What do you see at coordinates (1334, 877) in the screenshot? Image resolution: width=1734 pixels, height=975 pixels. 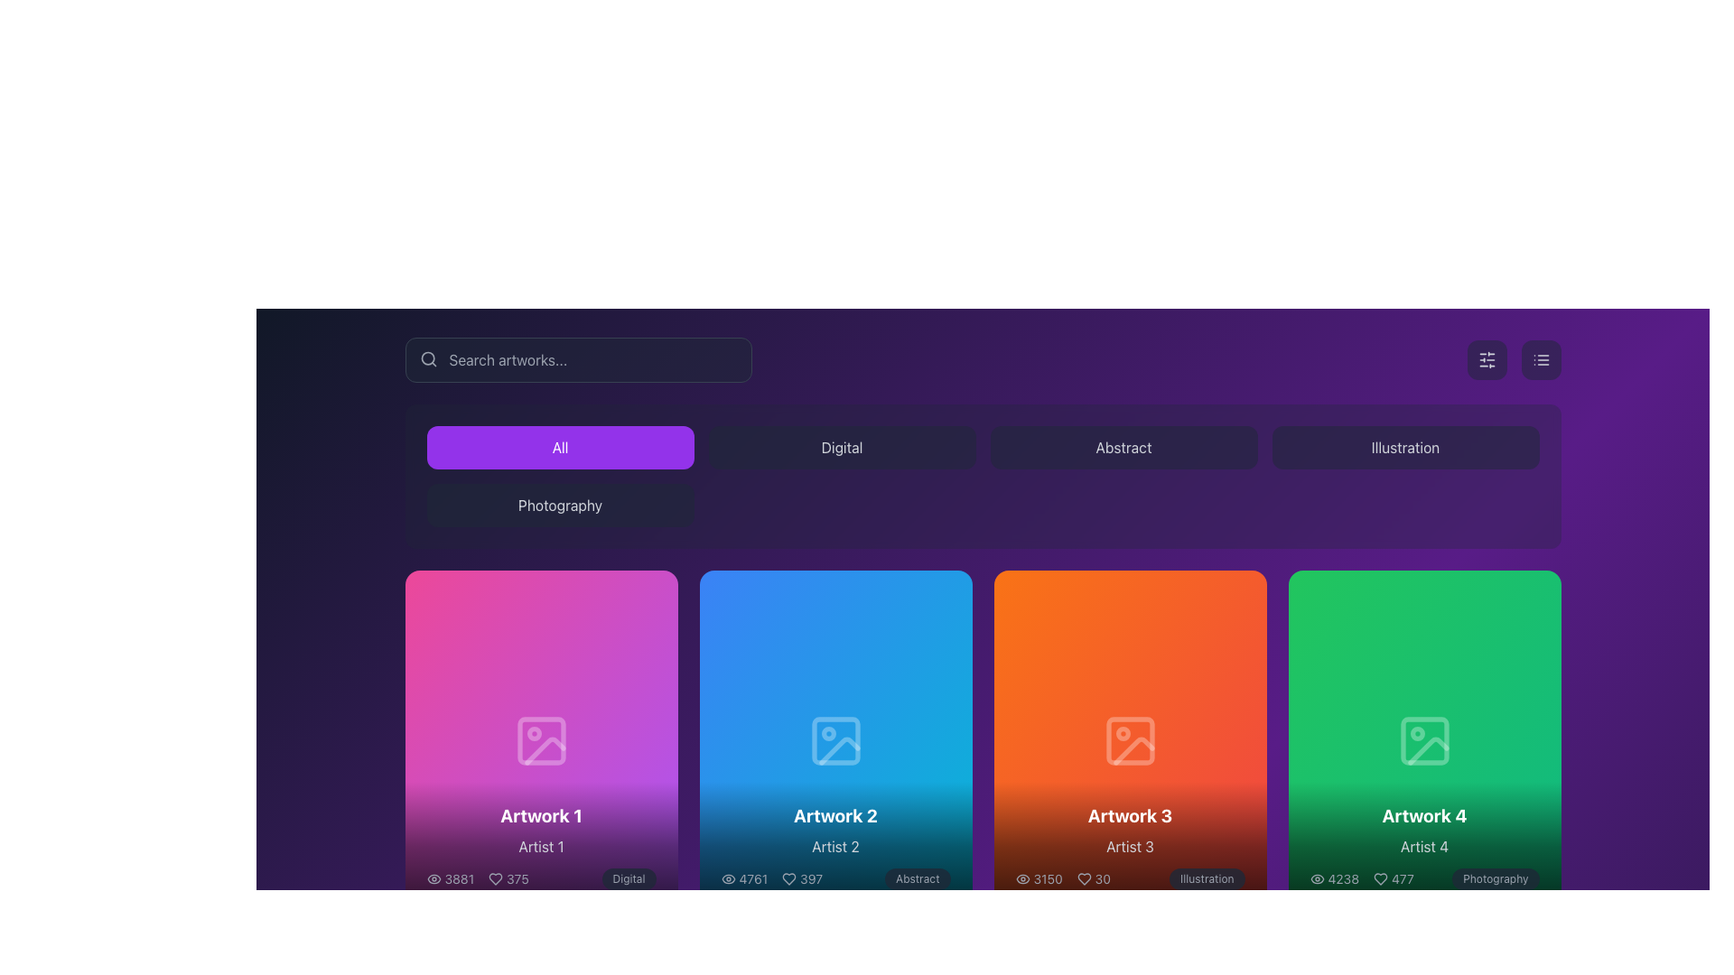 I see `the numeric text '4238' located at the bottom left corner of the card for Artwork 4, adjacent to the eye-shaped icon` at bounding box center [1334, 877].